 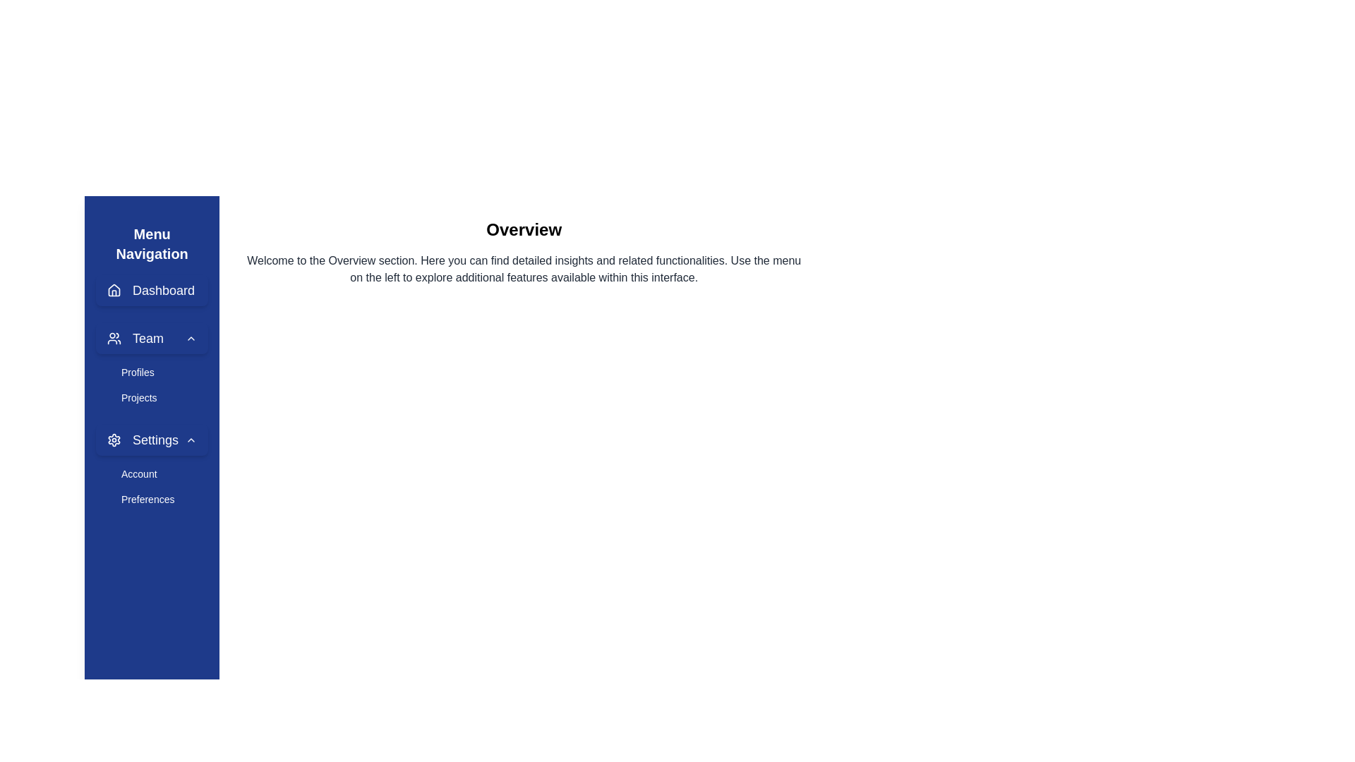 I want to click on the navigational menu item in the sidebar that links to 'Profiles', located under the 'Team' section, so click(x=160, y=372).